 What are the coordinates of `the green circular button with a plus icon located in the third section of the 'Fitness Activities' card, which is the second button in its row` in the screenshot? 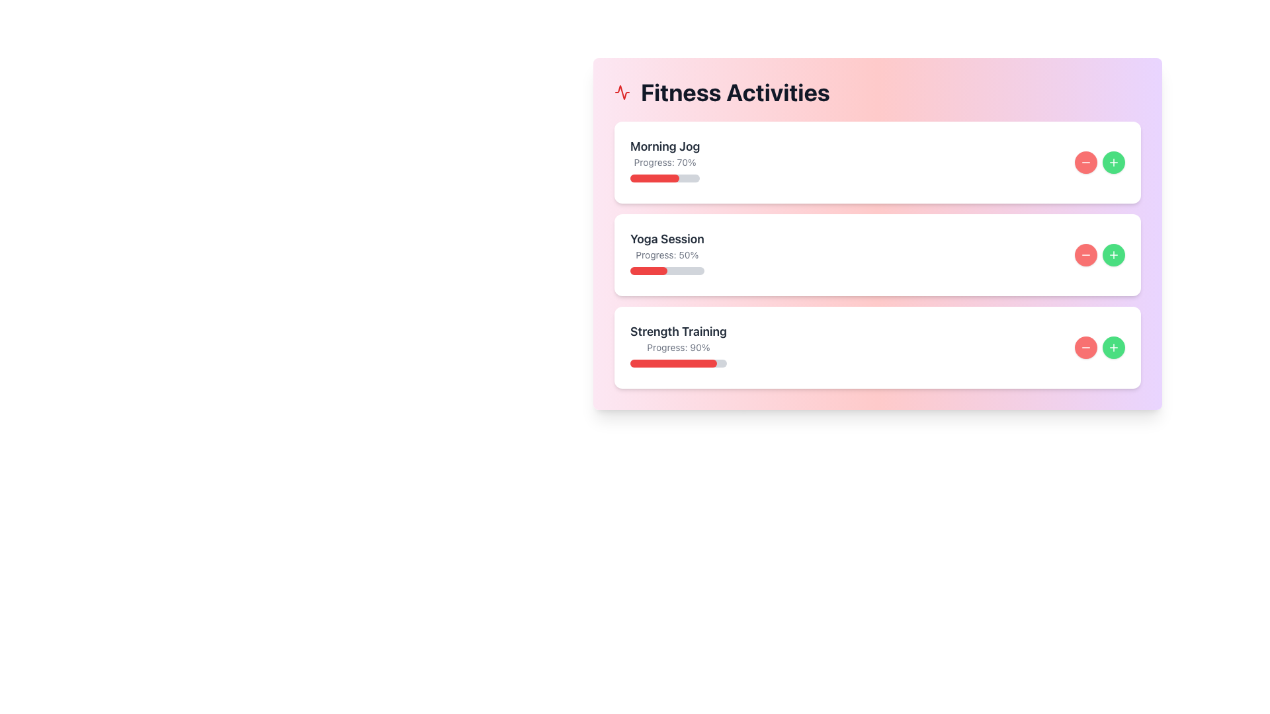 It's located at (1113, 255).